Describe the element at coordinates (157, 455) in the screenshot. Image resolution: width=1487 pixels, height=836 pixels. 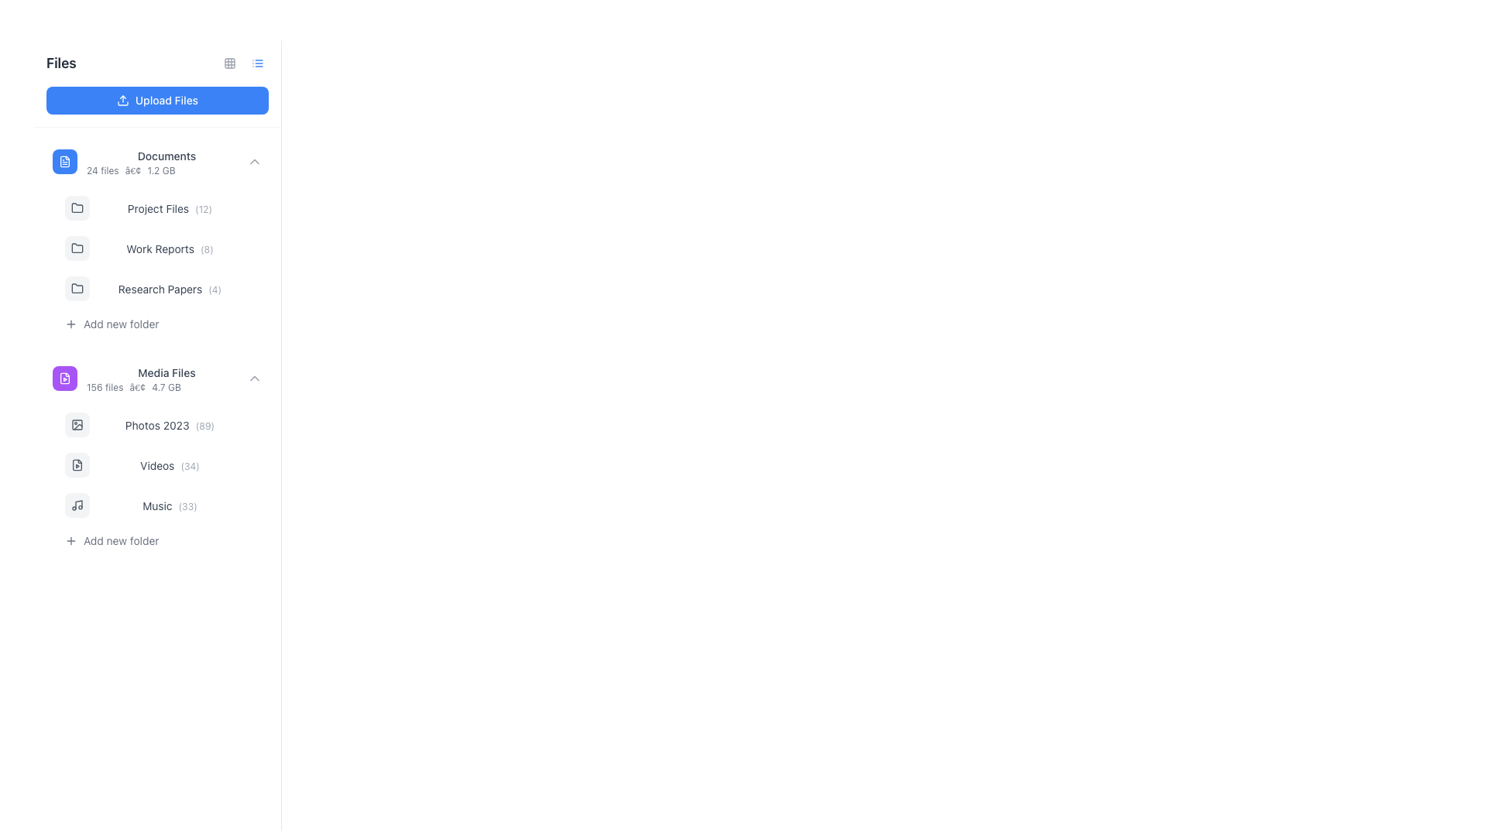
I see `the 'Videos' folder list item, which displays the count '(34)' and is located below the 'Photos 2023 (89)' folder and above the 'Music (33)' folder` at that location.